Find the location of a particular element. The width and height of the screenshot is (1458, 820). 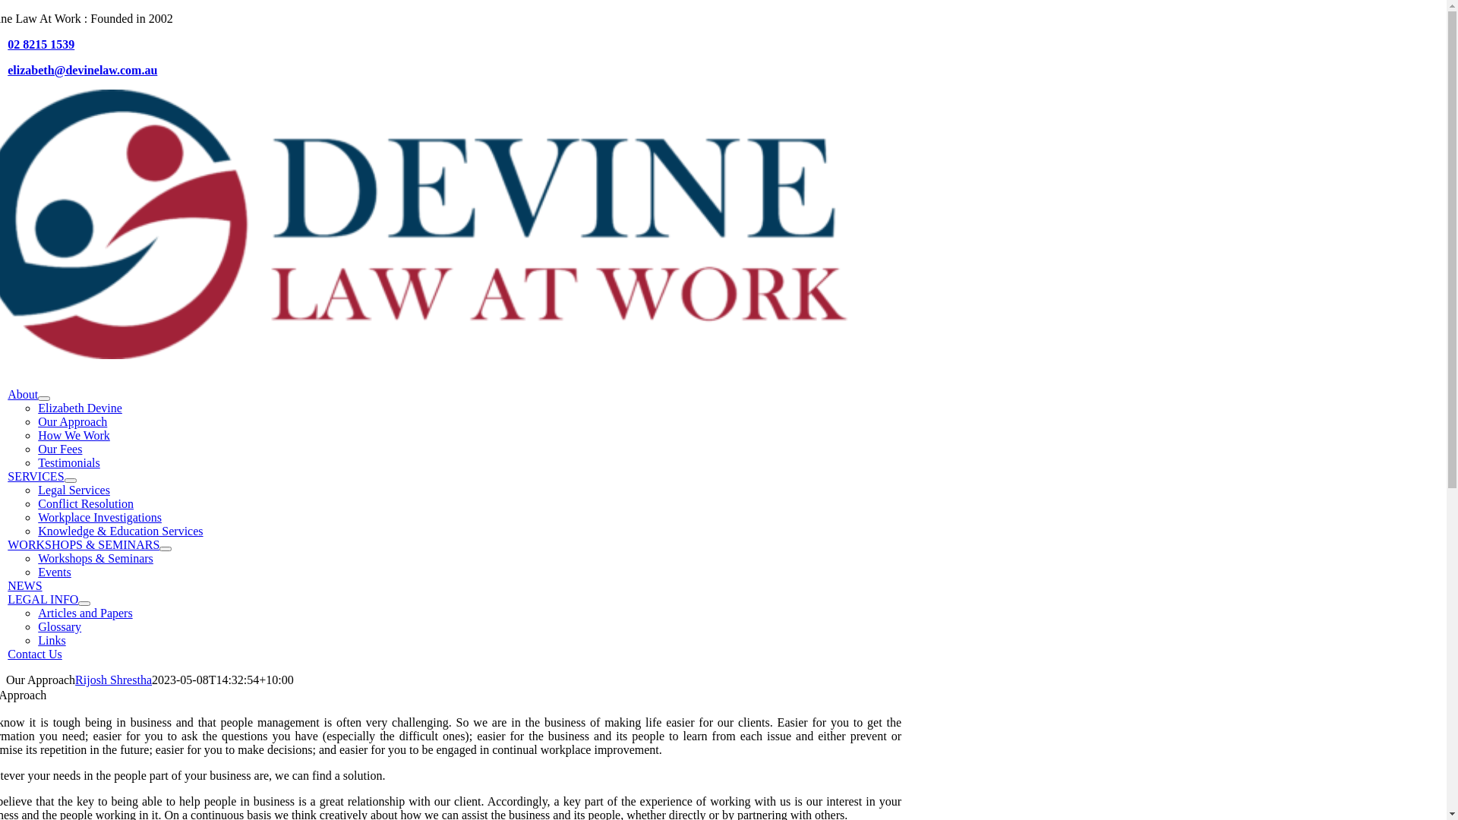

'Events' is located at coordinates (55, 572).